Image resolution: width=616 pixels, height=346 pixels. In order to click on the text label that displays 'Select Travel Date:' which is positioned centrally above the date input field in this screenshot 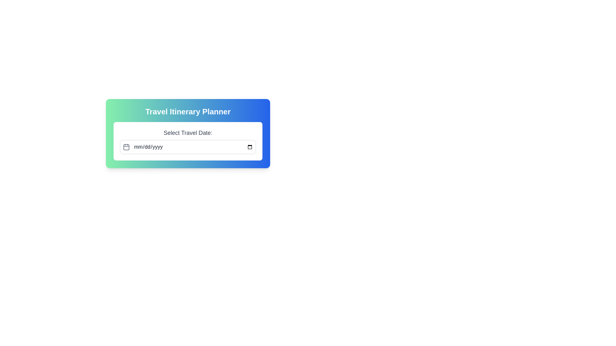, I will do `click(187, 133)`.